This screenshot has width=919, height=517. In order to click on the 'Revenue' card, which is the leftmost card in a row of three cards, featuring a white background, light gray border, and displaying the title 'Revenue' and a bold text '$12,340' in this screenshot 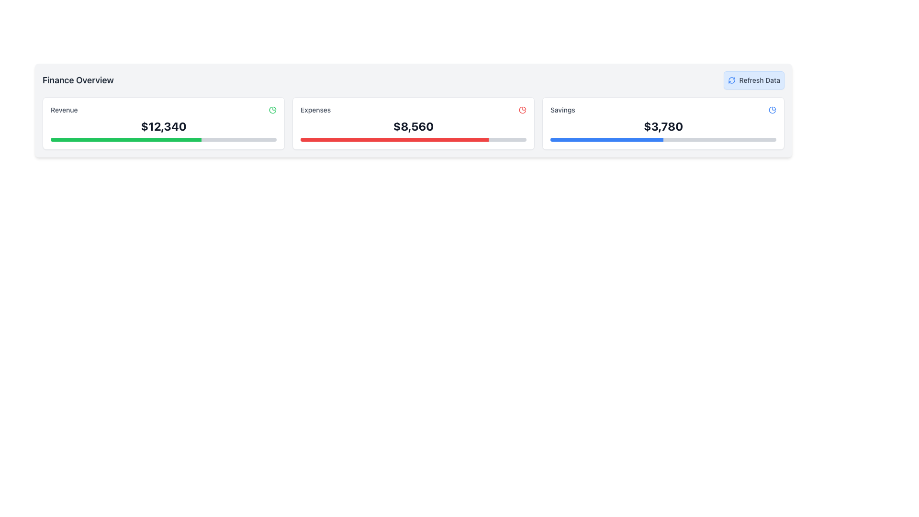, I will do `click(163, 123)`.